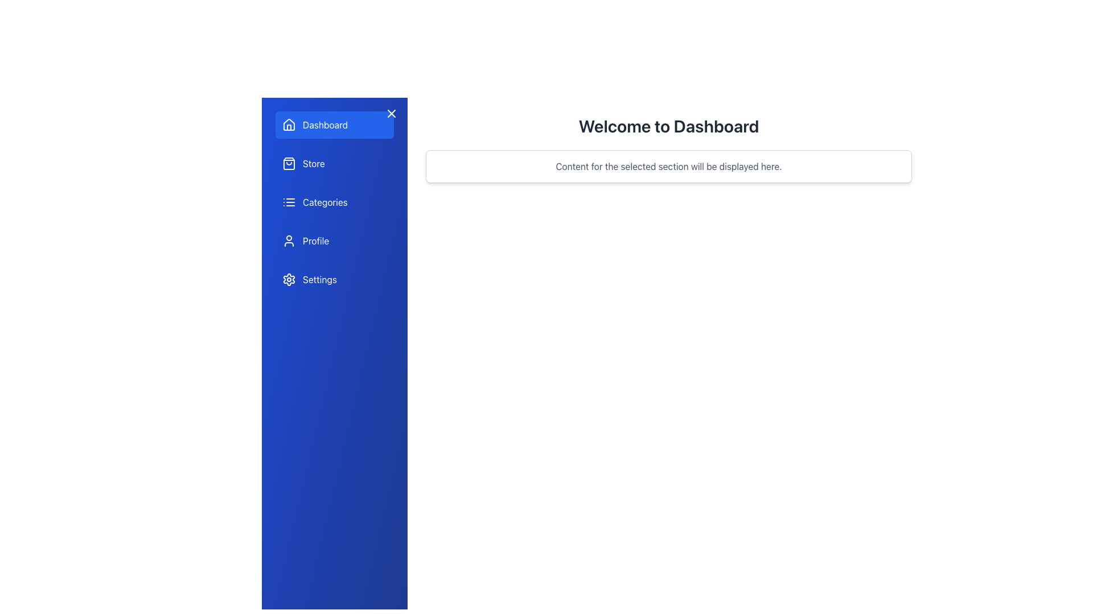 This screenshot has height=614, width=1093. Describe the element at coordinates (334, 164) in the screenshot. I see `the navigation menu item labeled 'Store' on the left-hand sidebar` at that location.